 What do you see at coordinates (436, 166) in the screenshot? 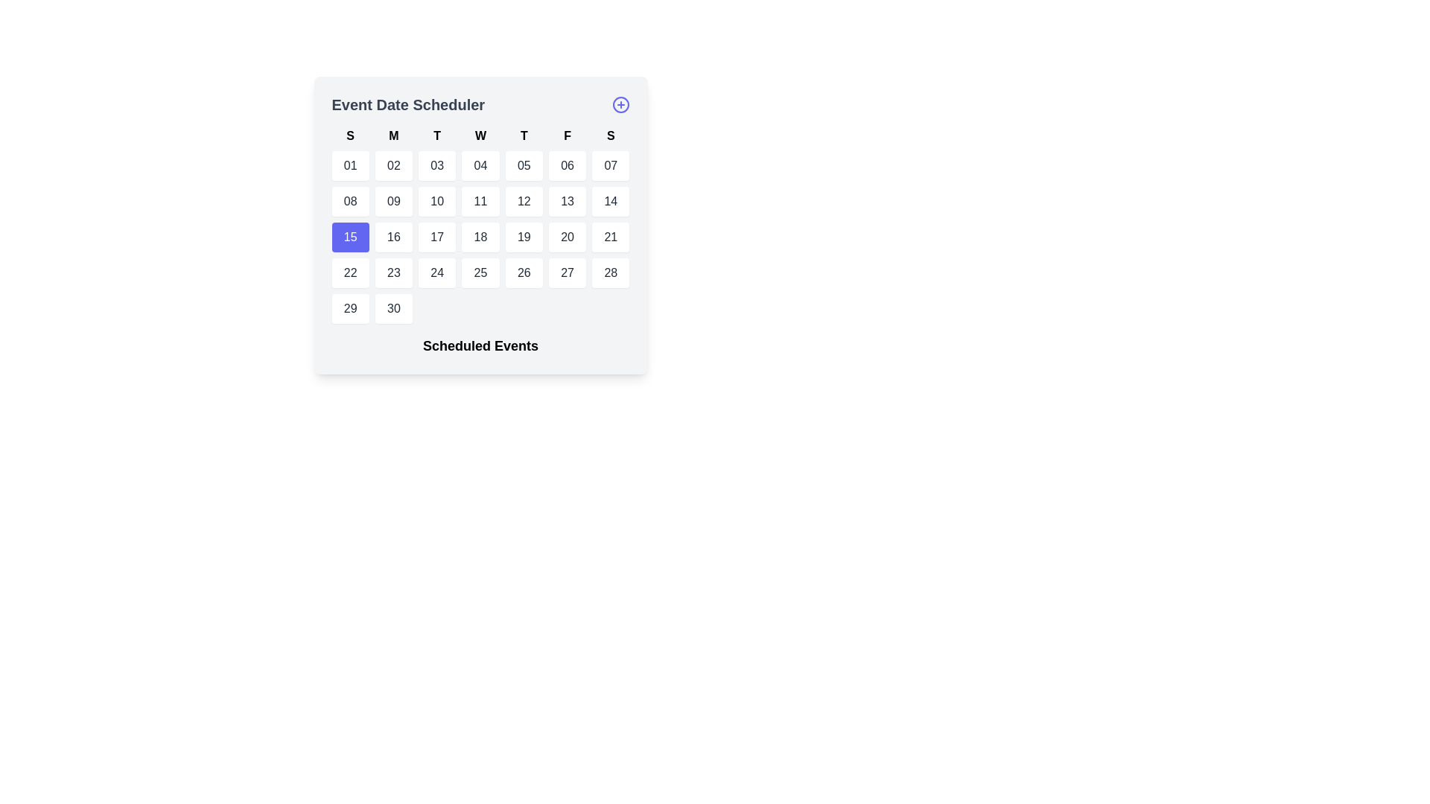
I see `the calendar day button representing '03'` at bounding box center [436, 166].